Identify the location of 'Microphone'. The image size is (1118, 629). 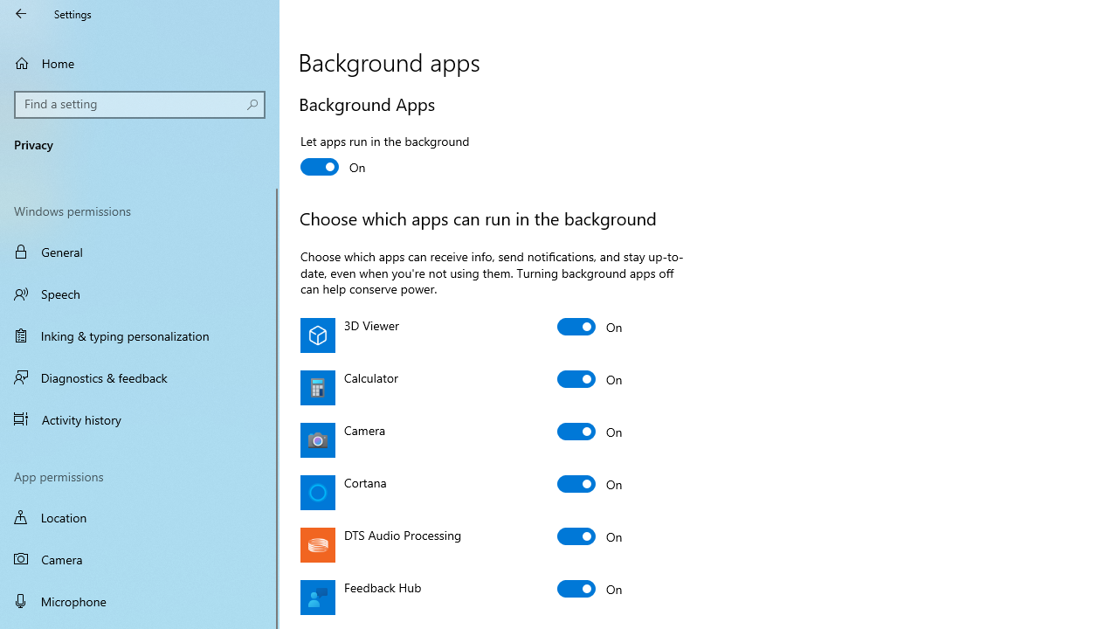
(140, 599).